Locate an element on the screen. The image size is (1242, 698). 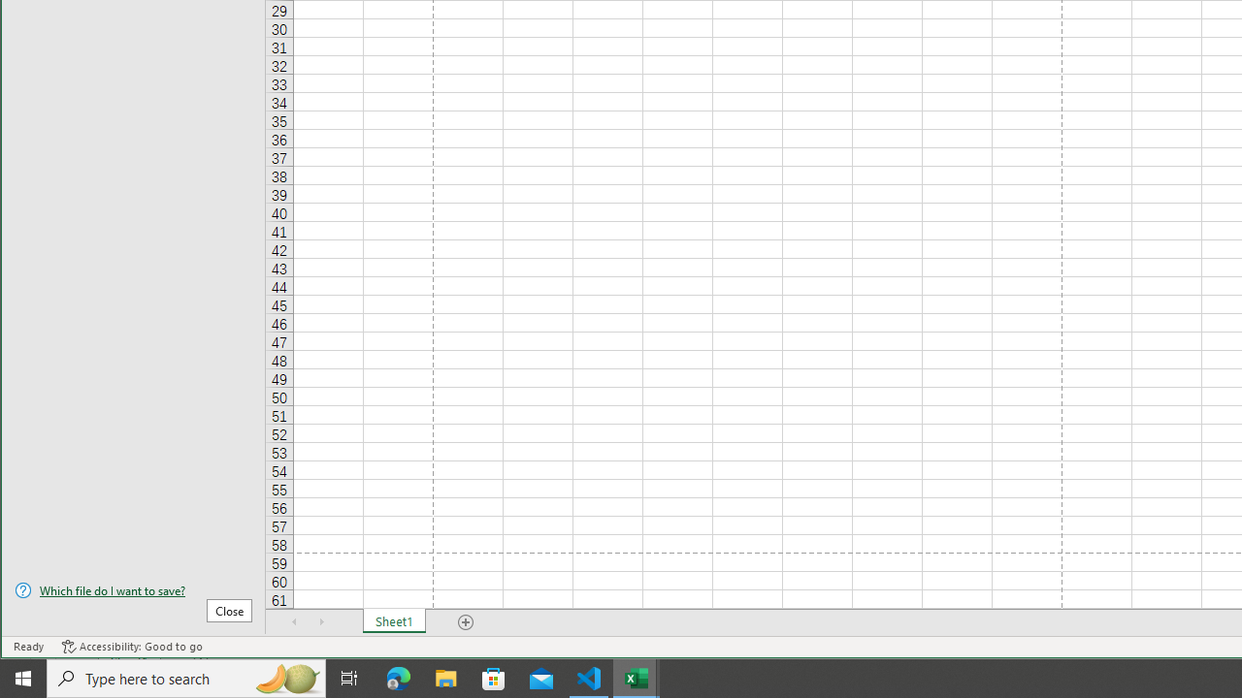
'Search highlights icon opens search home window' is located at coordinates (285, 677).